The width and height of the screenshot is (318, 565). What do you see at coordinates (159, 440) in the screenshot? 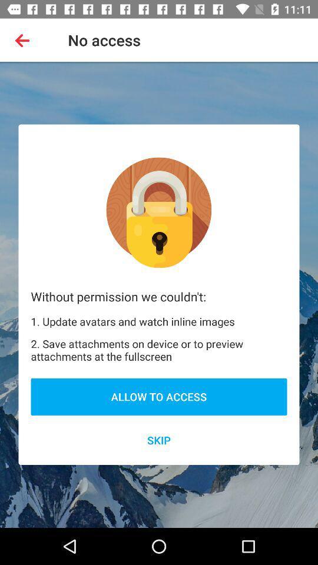
I see `the skip item` at bounding box center [159, 440].